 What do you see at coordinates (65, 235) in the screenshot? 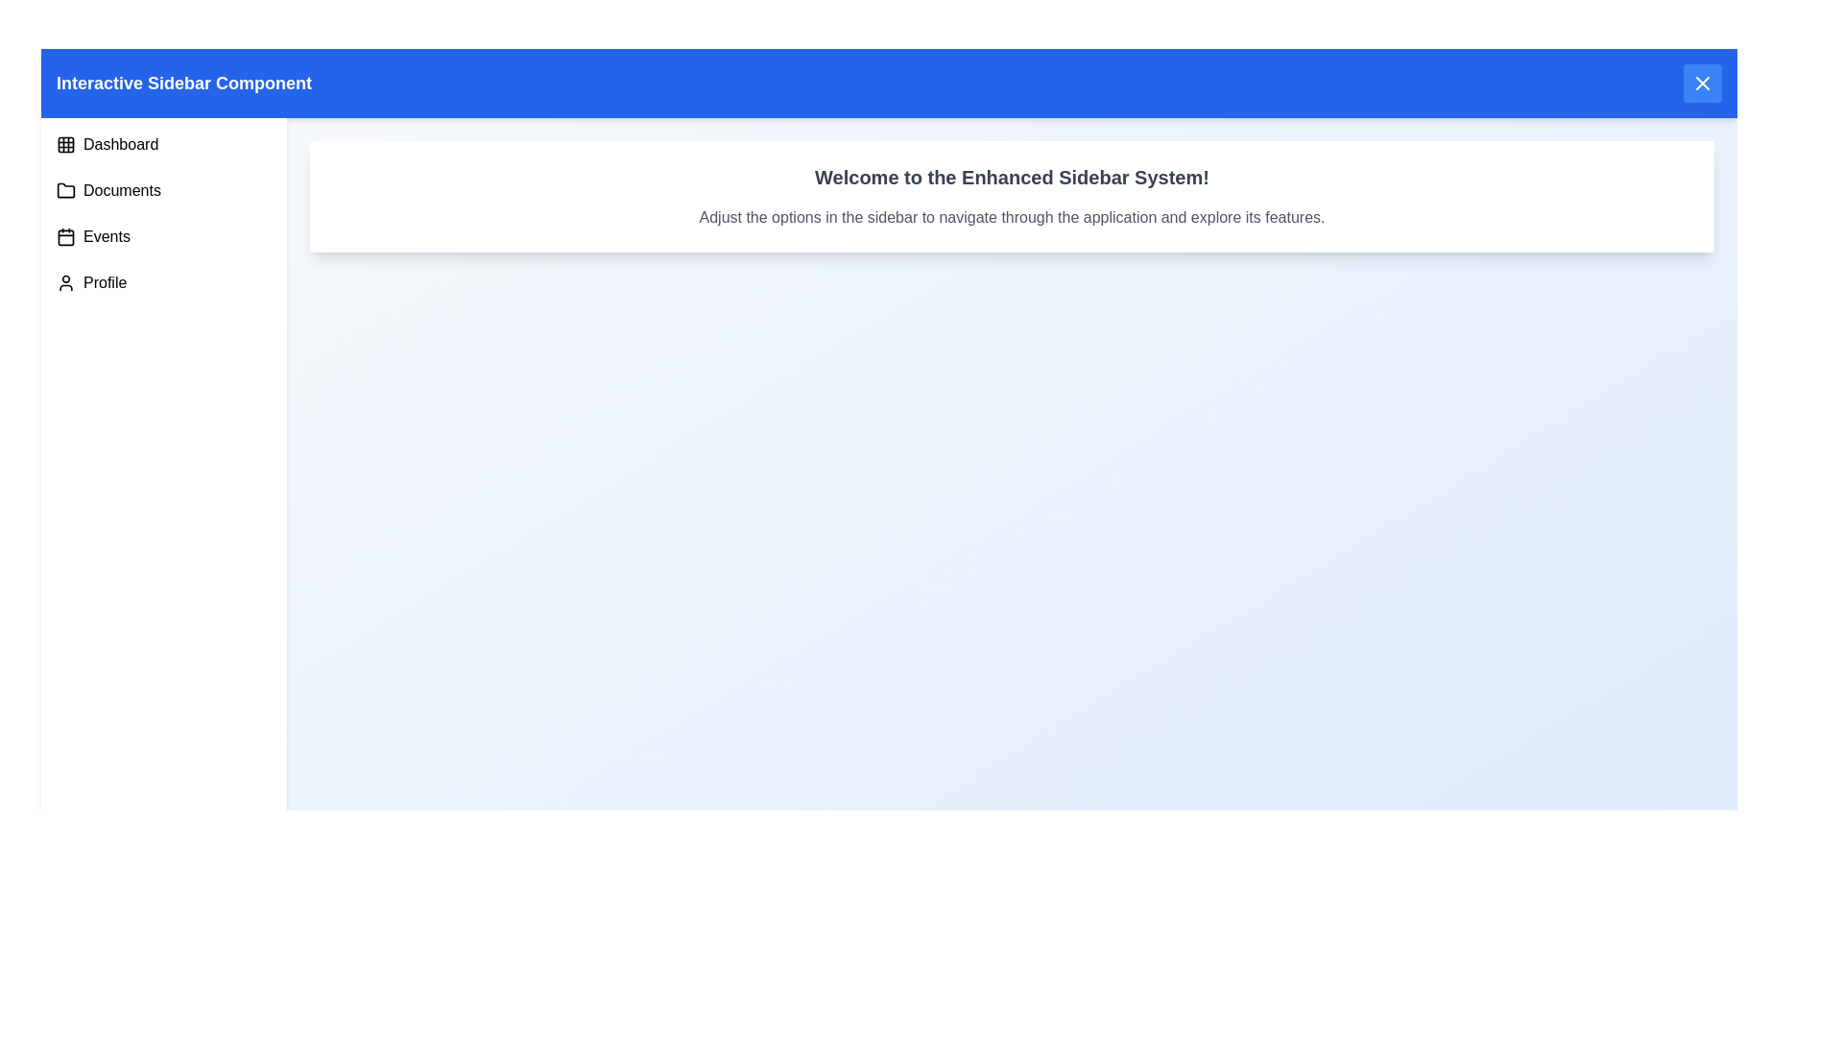
I see `the calendar icon in the 'Events' section of the sidebar menu, which is the third item under 'Interactive Sidebar Component'` at bounding box center [65, 235].